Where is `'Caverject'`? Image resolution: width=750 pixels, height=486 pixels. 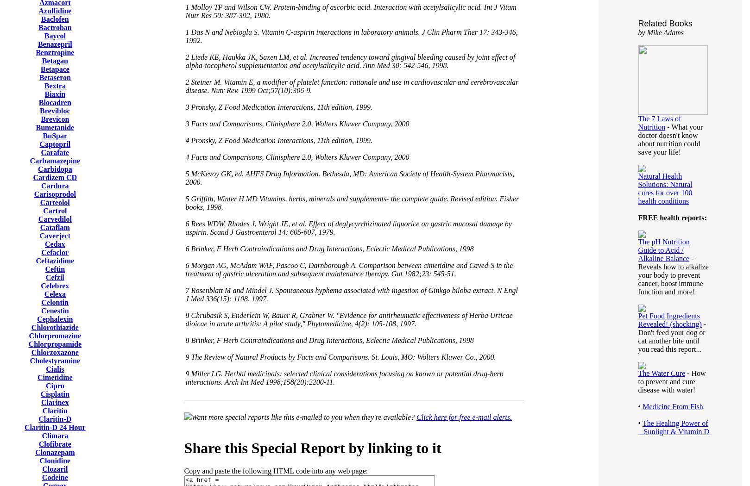 'Caverject' is located at coordinates (55, 235).